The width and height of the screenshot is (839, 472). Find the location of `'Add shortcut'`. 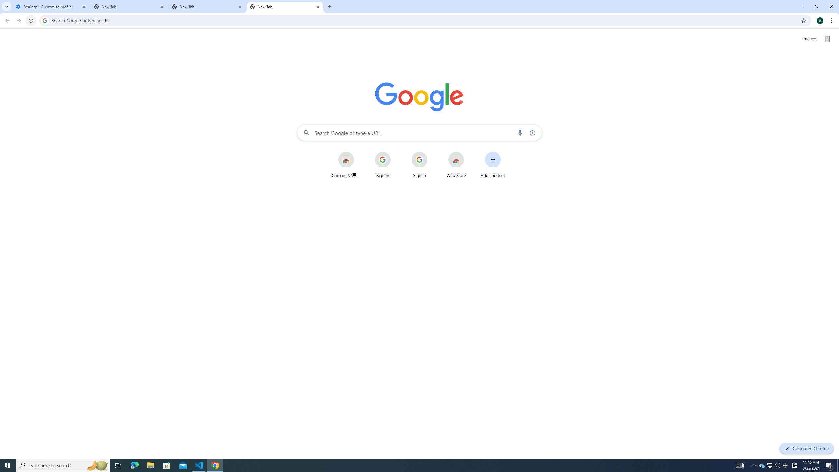

'Add shortcut' is located at coordinates (493, 164).